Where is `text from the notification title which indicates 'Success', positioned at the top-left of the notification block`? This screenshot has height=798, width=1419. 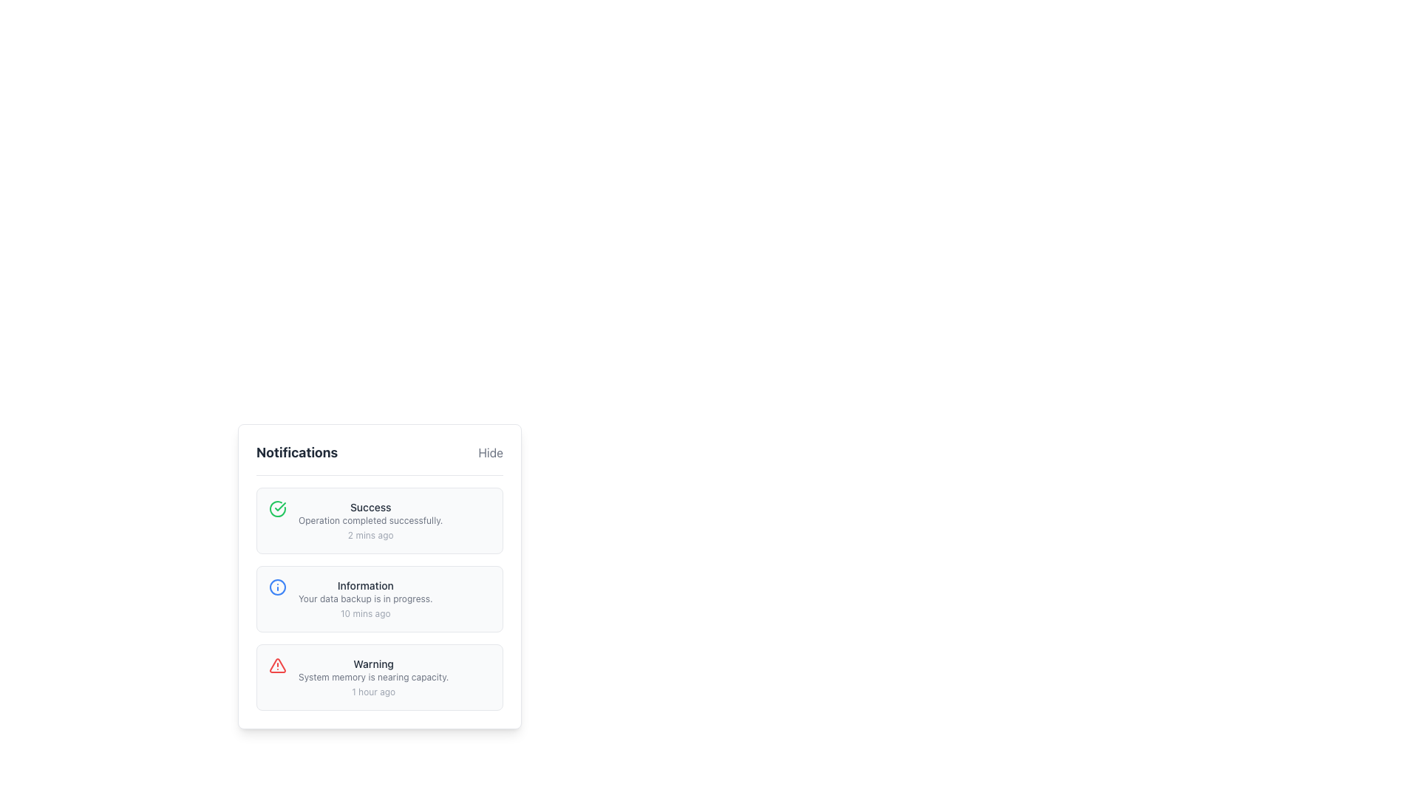 text from the notification title which indicates 'Success', positioned at the top-left of the notification block is located at coordinates (370, 506).